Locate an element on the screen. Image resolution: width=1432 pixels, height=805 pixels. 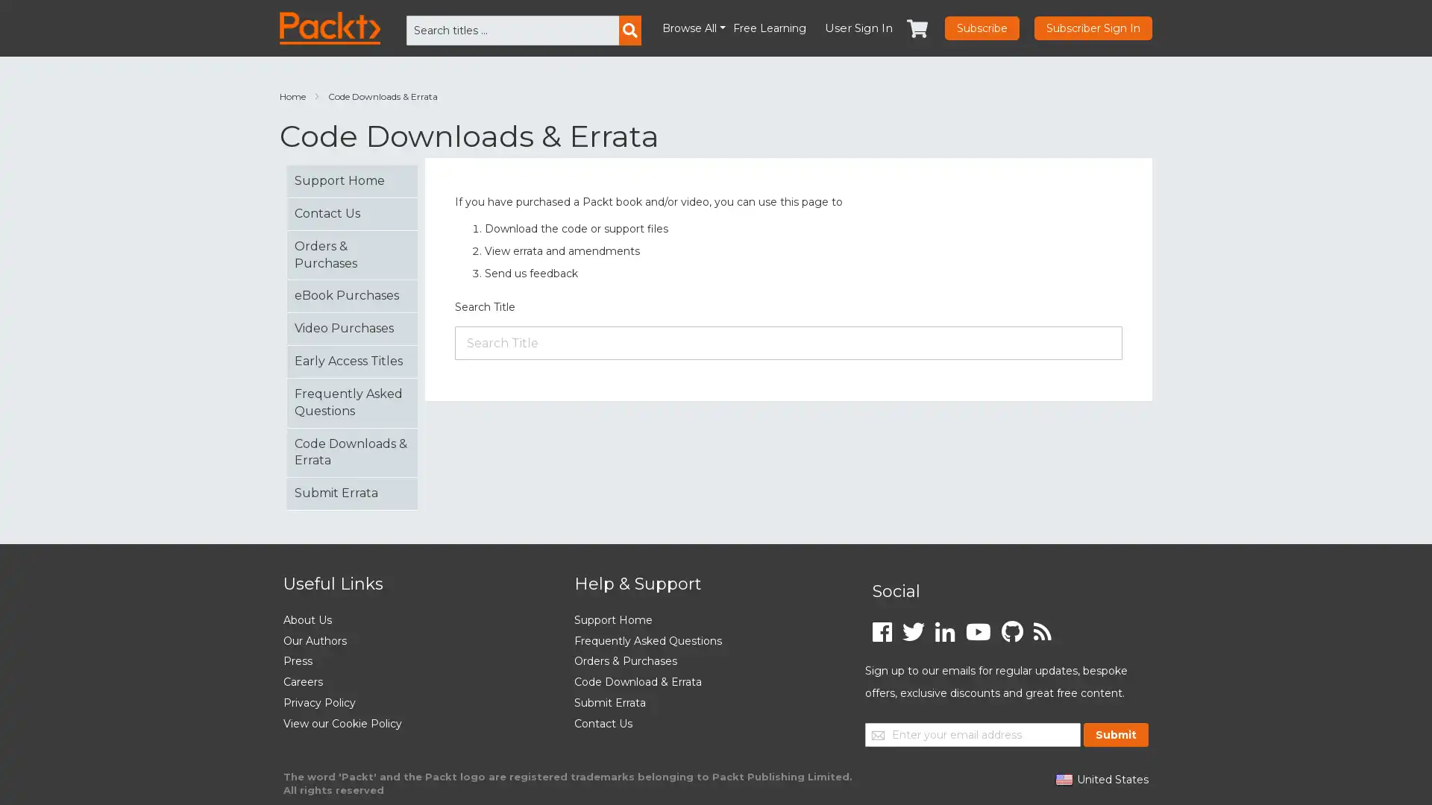
Search is located at coordinates (629, 31).